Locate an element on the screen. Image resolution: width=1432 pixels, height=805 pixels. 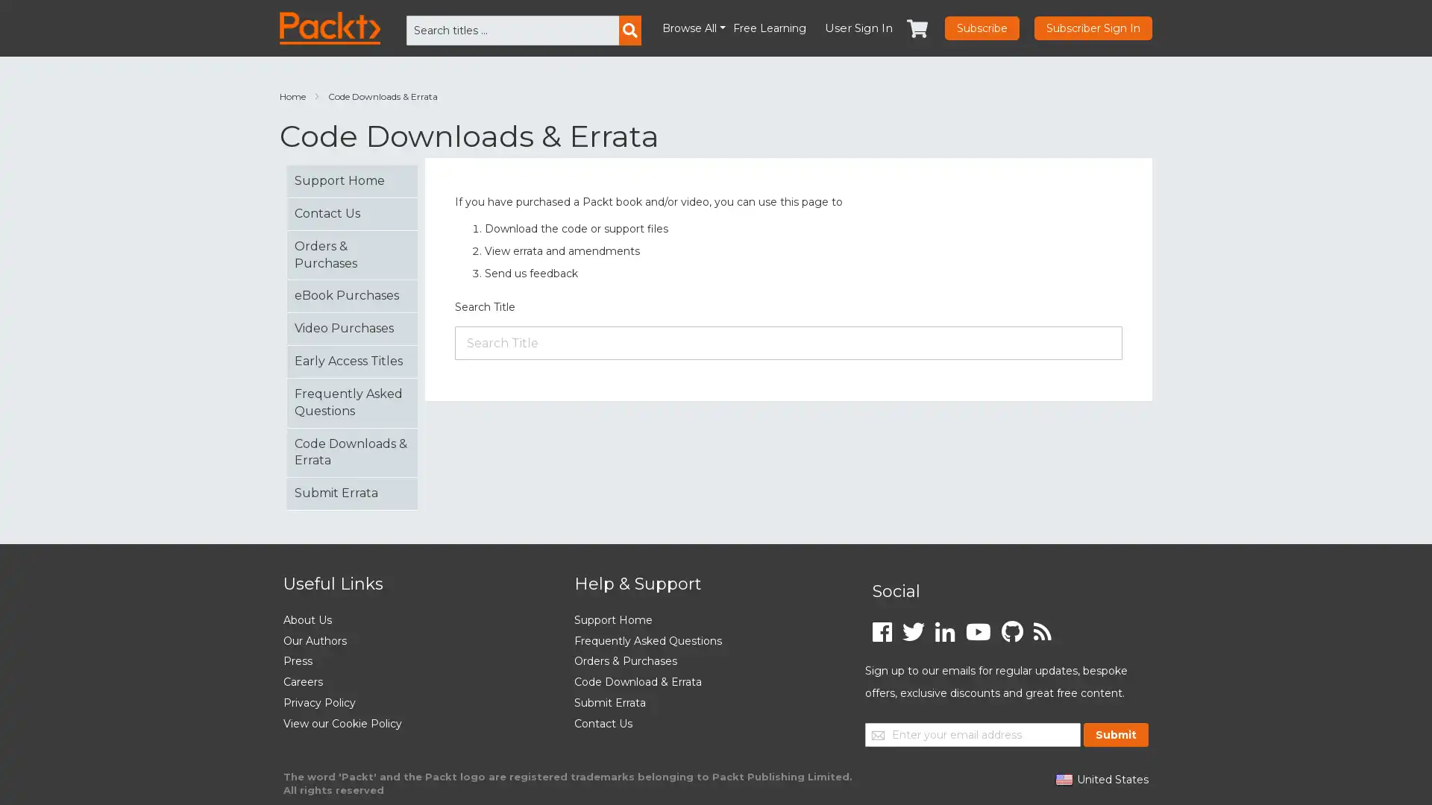
Search is located at coordinates (629, 31).